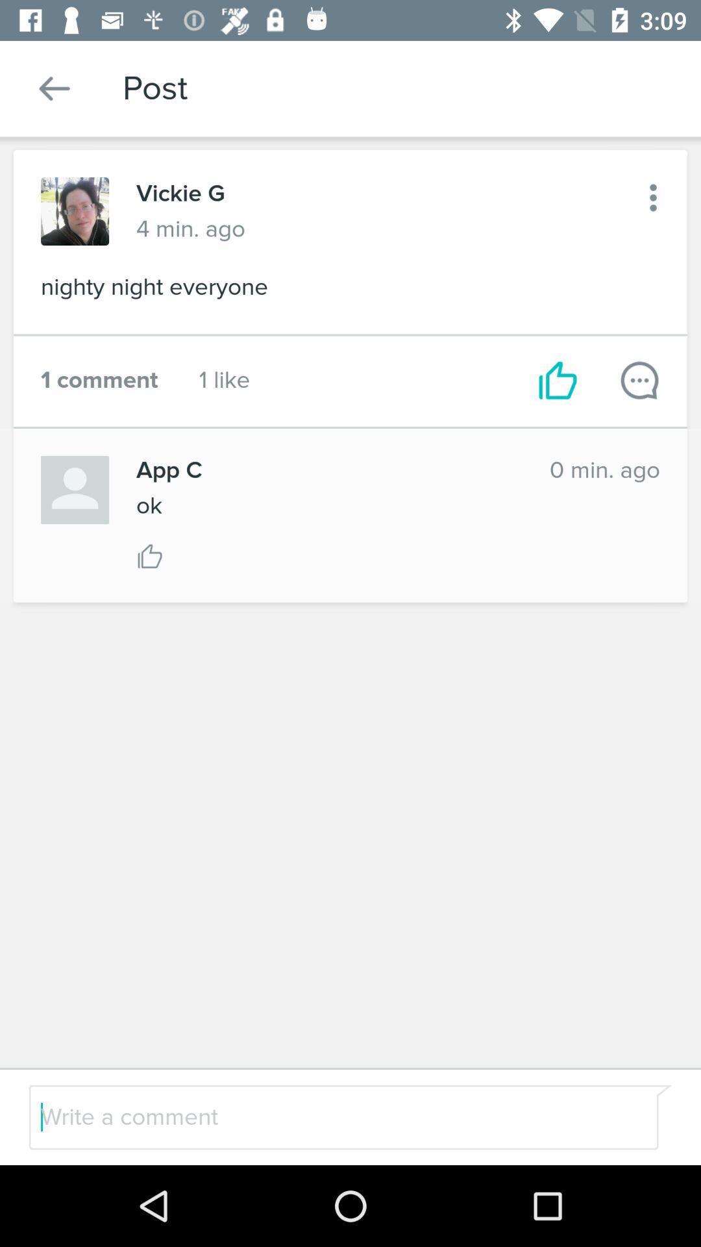 This screenshot has height=1247, width=701. I want to click on profile, so click(75, 211).